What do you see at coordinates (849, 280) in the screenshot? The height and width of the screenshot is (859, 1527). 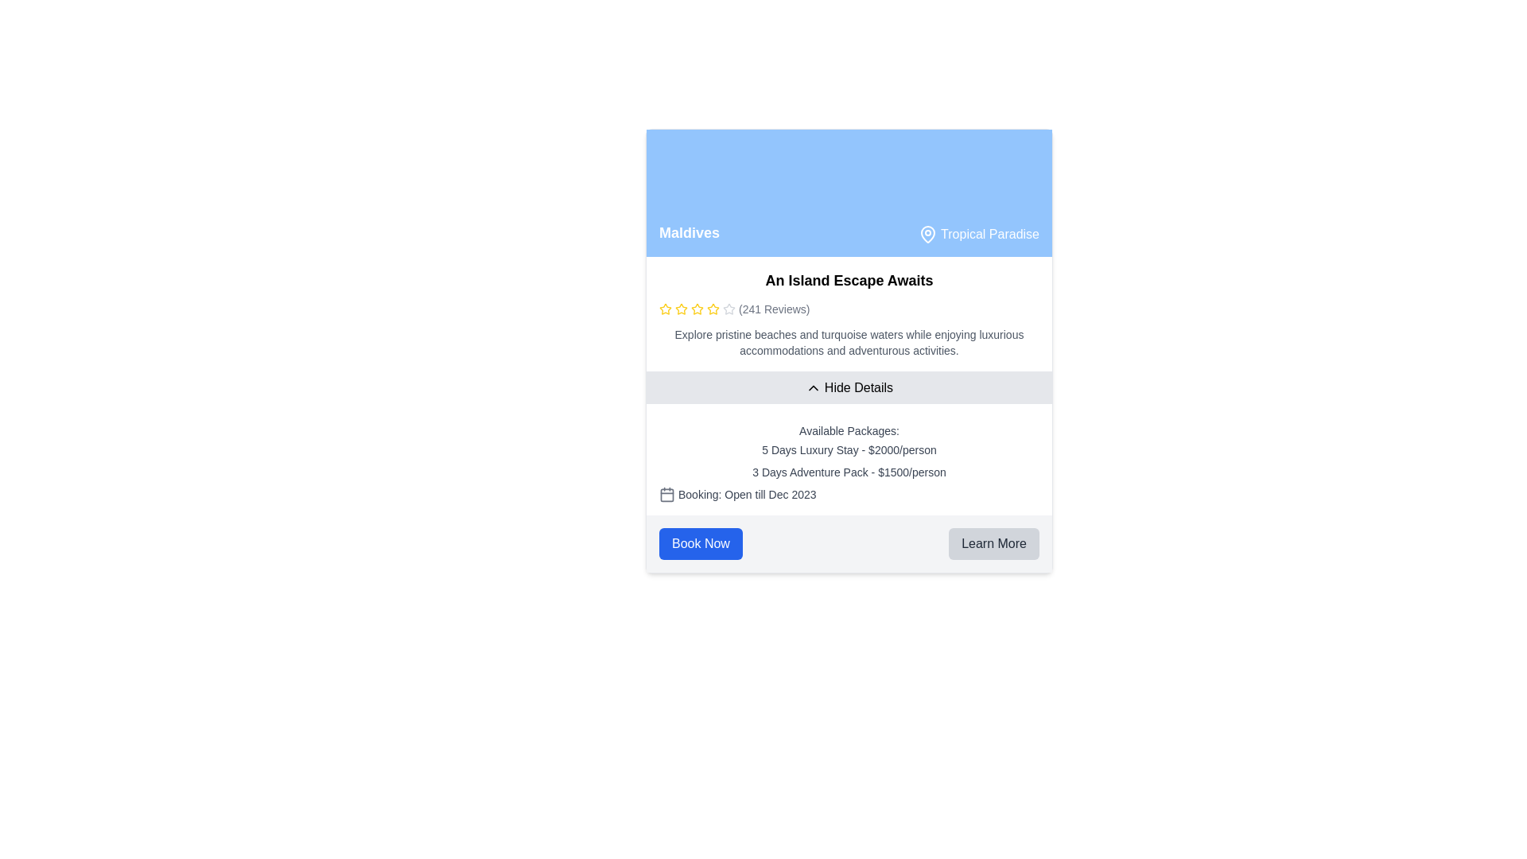 I see `prominently styled, bold textual title 'An Island Escape Awaits' located centrally above the review section` at bounding box center [849, 280].